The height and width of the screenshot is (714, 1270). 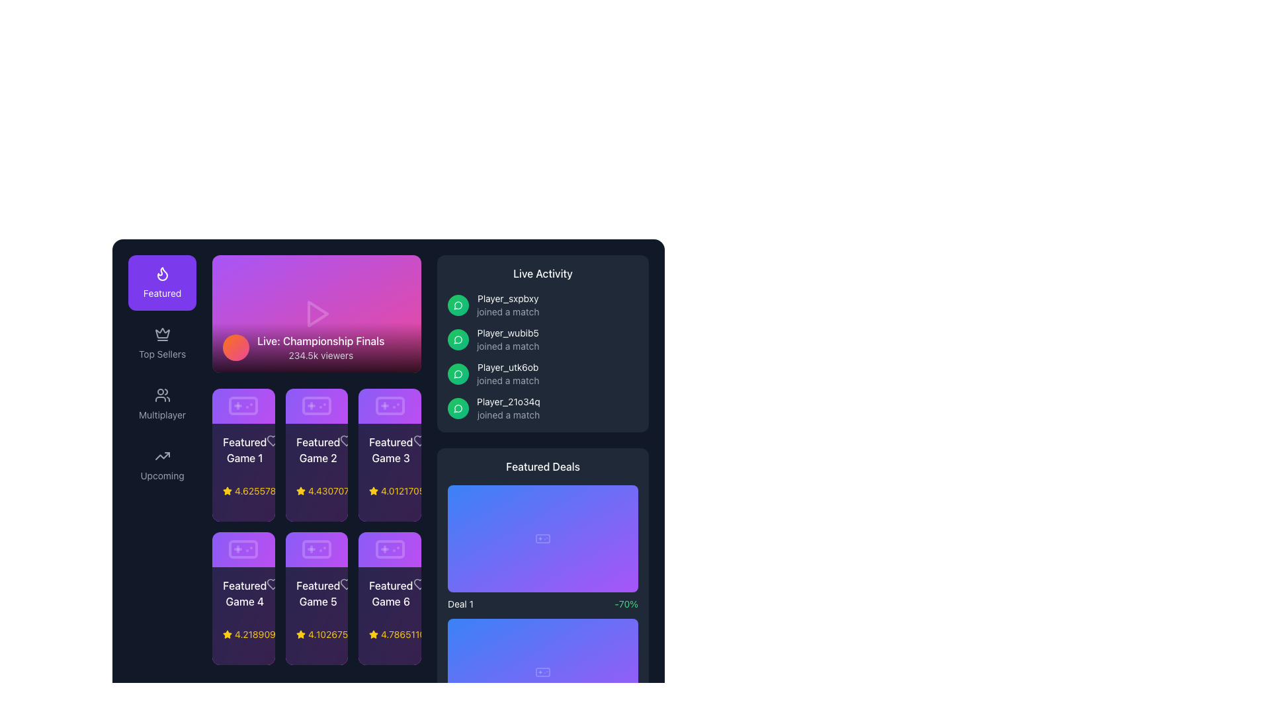 What do you see at coordinates (346, 440) in the screenshot?
I see `the heart icon in the 'Featured Game 2' card` at bounding box center [346, 440].